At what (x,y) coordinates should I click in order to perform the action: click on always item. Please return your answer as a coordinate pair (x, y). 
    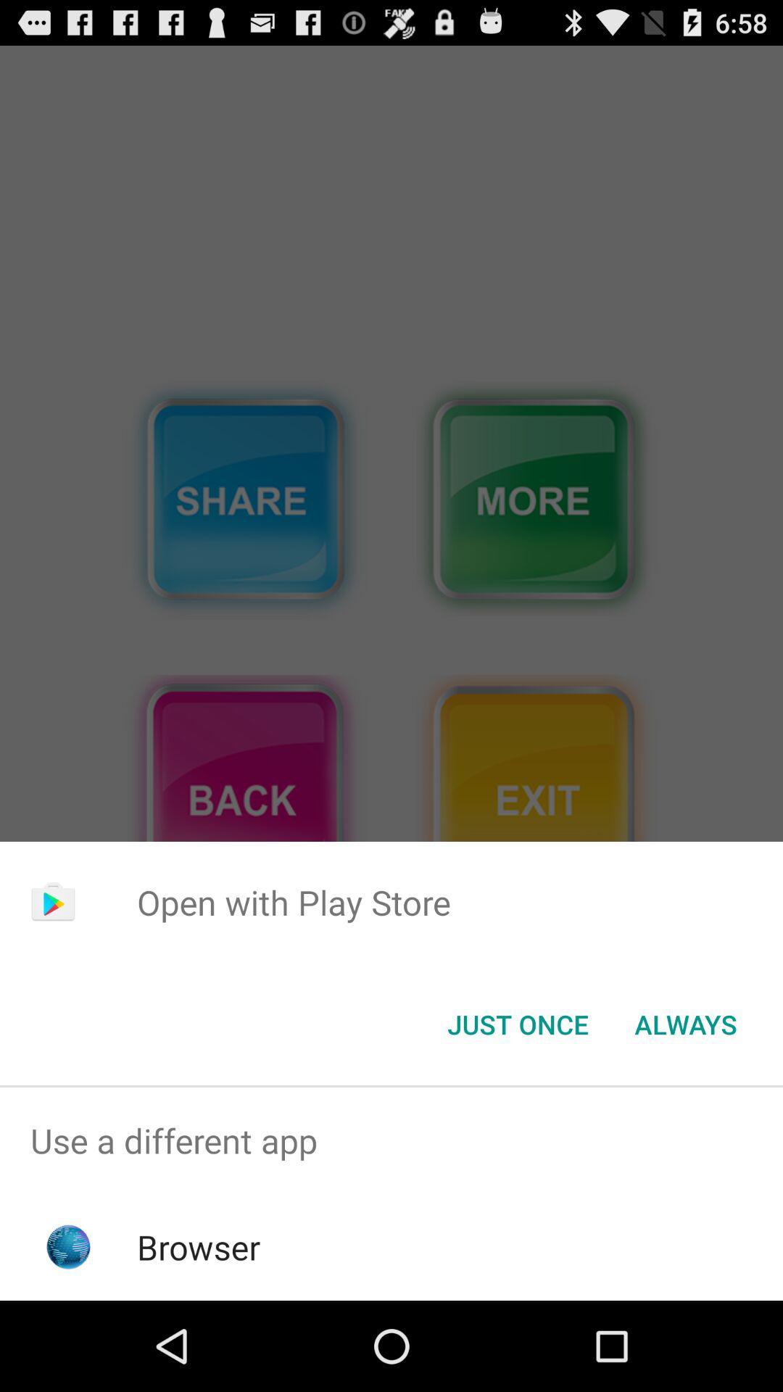
    Looking at the image, I should click on (685, 1023).